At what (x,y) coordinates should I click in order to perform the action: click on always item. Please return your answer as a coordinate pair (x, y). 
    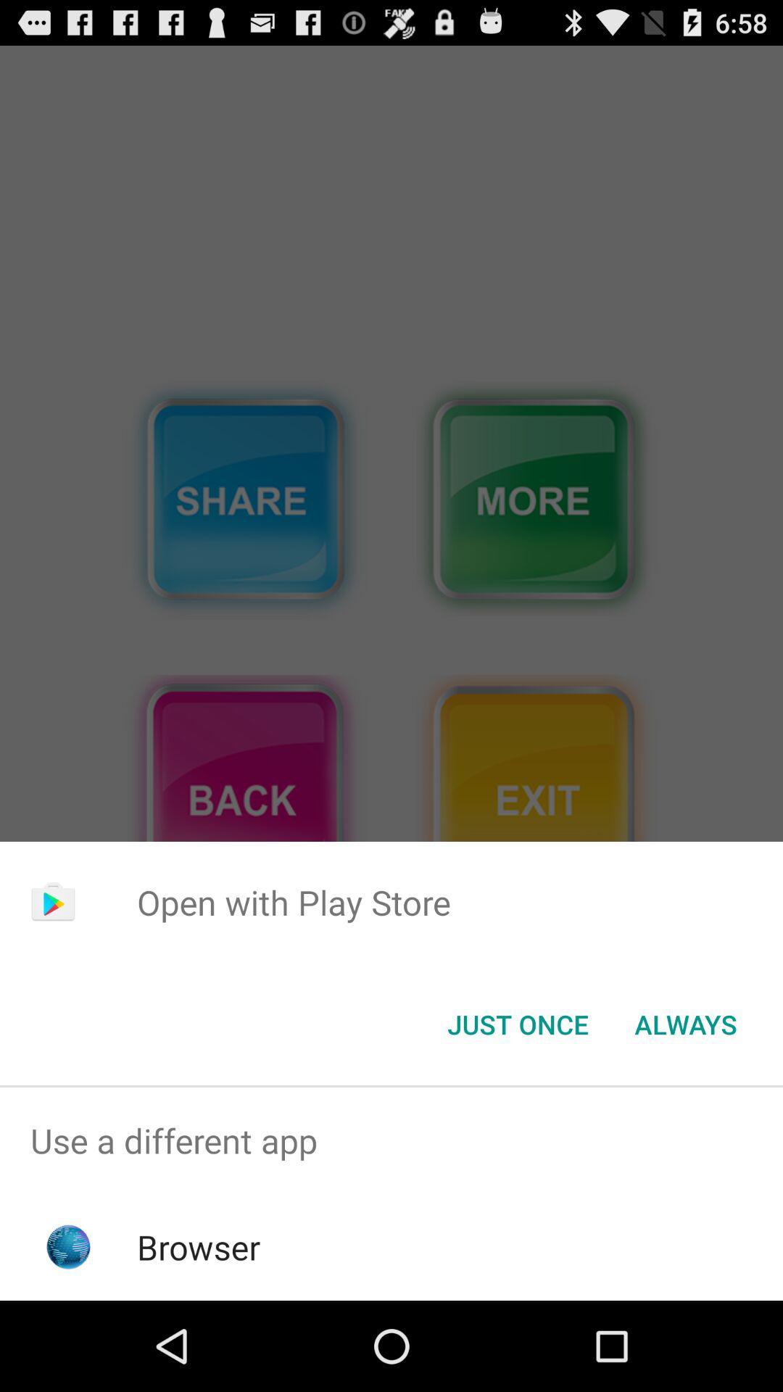
    Looking at the image, I should click on (685, 1023).